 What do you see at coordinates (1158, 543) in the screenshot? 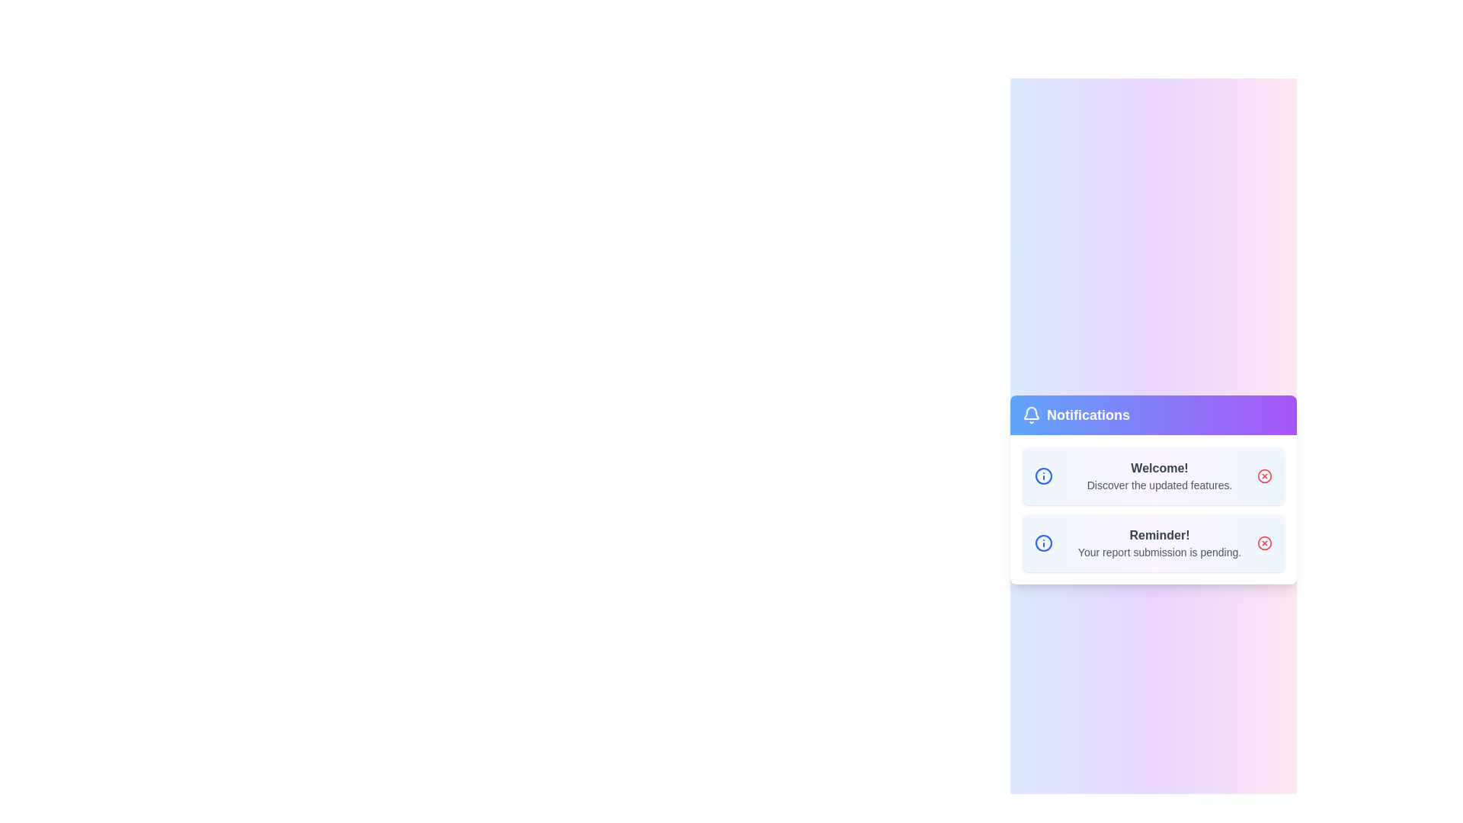
I see `the Text block containing the bold gray title 'Reminder!' and the subtitle 'Your report submission is pending.'` at bounding box center [1158, 543].